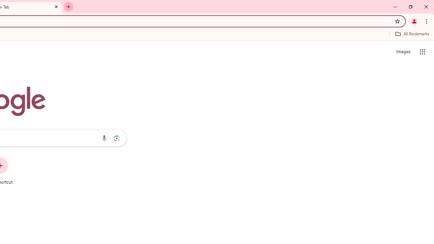 The height and width of the screenshot is (244, 434). Describe the element at coordinates (422, 52) in the screenshot. I see `'Google apps'` at that location.